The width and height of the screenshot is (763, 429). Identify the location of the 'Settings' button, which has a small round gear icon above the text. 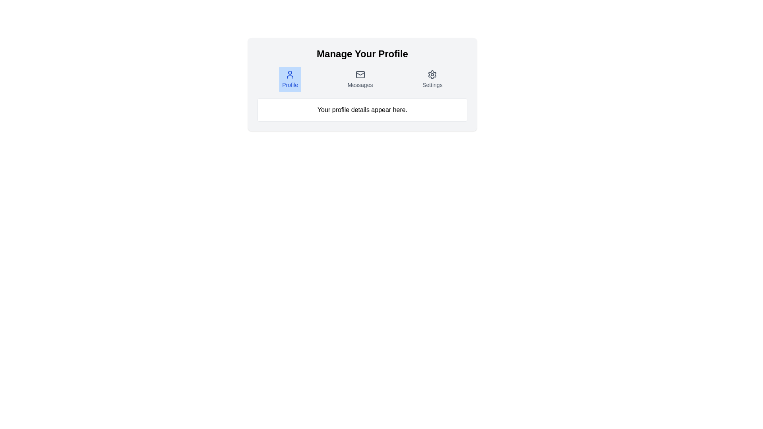
(432, 79).